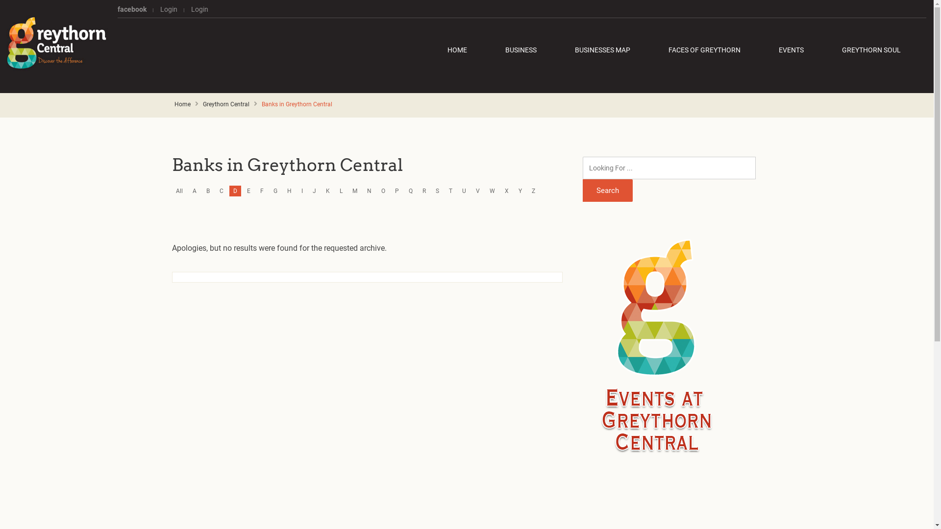 The height and width of the screenshot is (529, 941). I want to click on 'GREYTHORN SOUL', so click(871, 49).